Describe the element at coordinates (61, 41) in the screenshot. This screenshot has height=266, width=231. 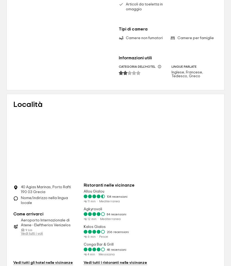
I see `'Il Kiani Akti non vede l'ora di darti il benvenuto a Porto Rafti. Il comfort e la soddisfazione dei viaggiatori sono garantiti.'` at that location.